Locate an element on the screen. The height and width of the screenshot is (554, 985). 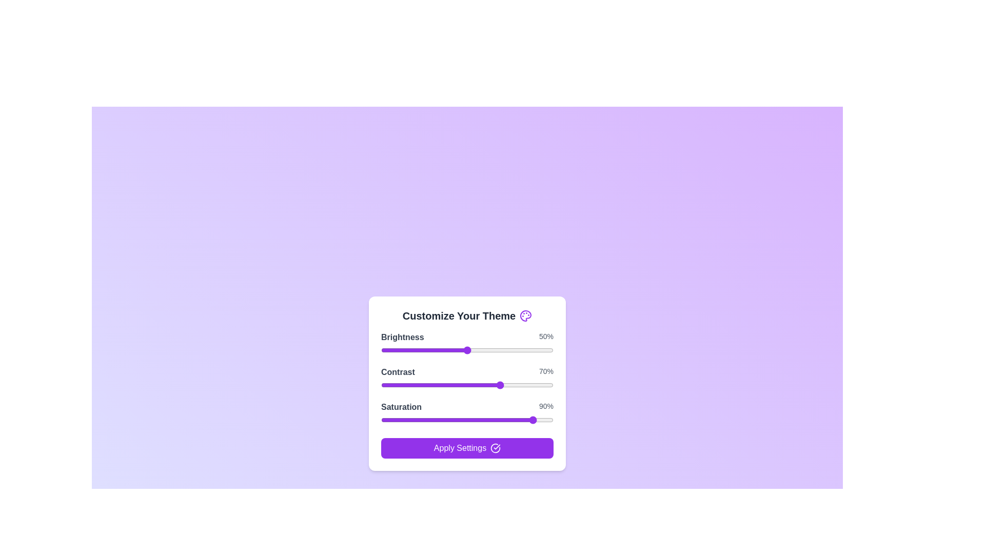
the saturation slider to 94% is located at coordinates (542, 420).